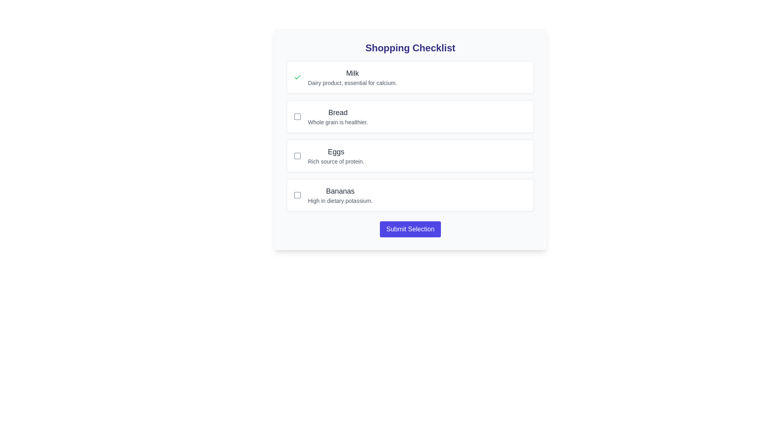 The width and height of the screenshot is (771, 433). I want to click on the second selectable list item in the 'Shopping Checklist', so click(330, 116).